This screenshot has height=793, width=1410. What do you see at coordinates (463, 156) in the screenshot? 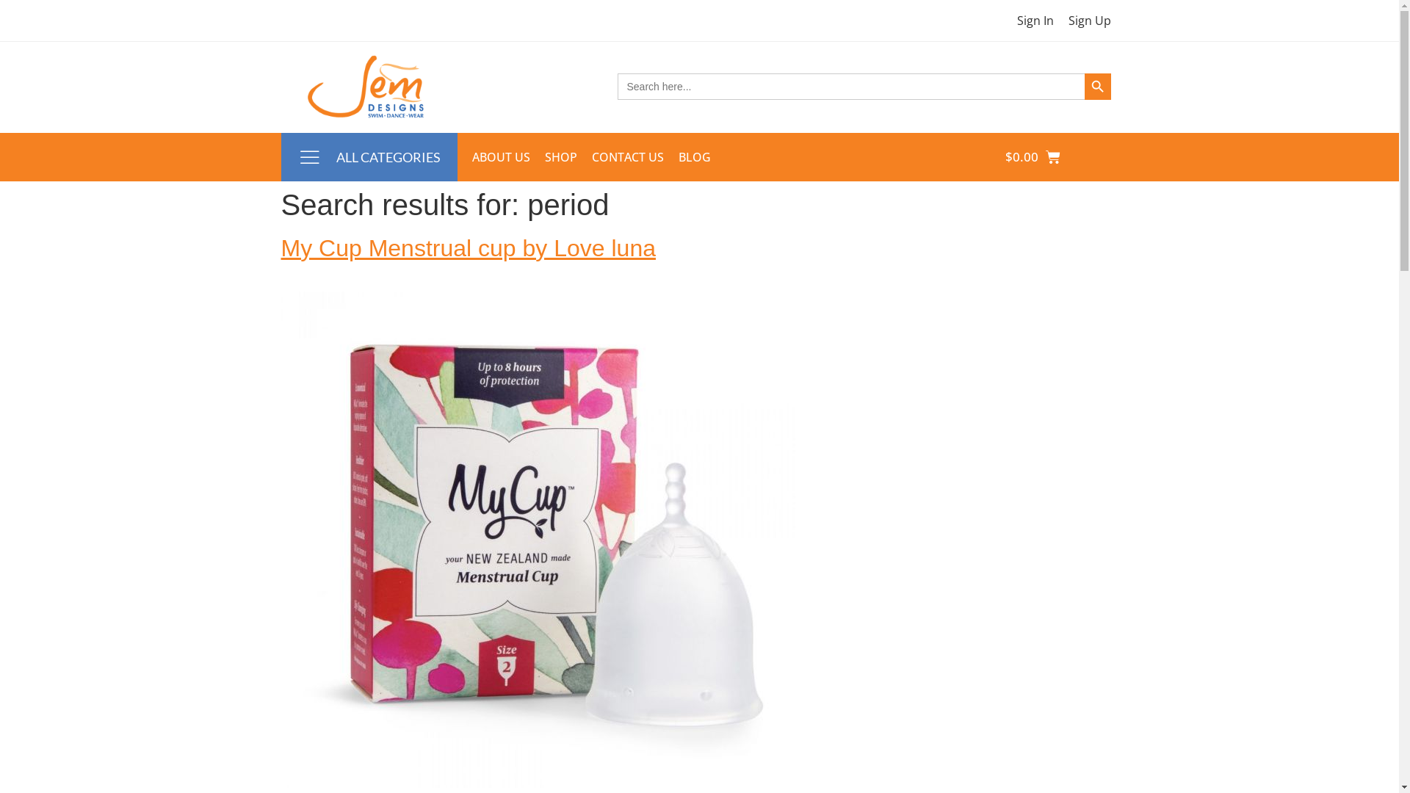
I see `'ABOUT US'` at bounding box center [463, 156].